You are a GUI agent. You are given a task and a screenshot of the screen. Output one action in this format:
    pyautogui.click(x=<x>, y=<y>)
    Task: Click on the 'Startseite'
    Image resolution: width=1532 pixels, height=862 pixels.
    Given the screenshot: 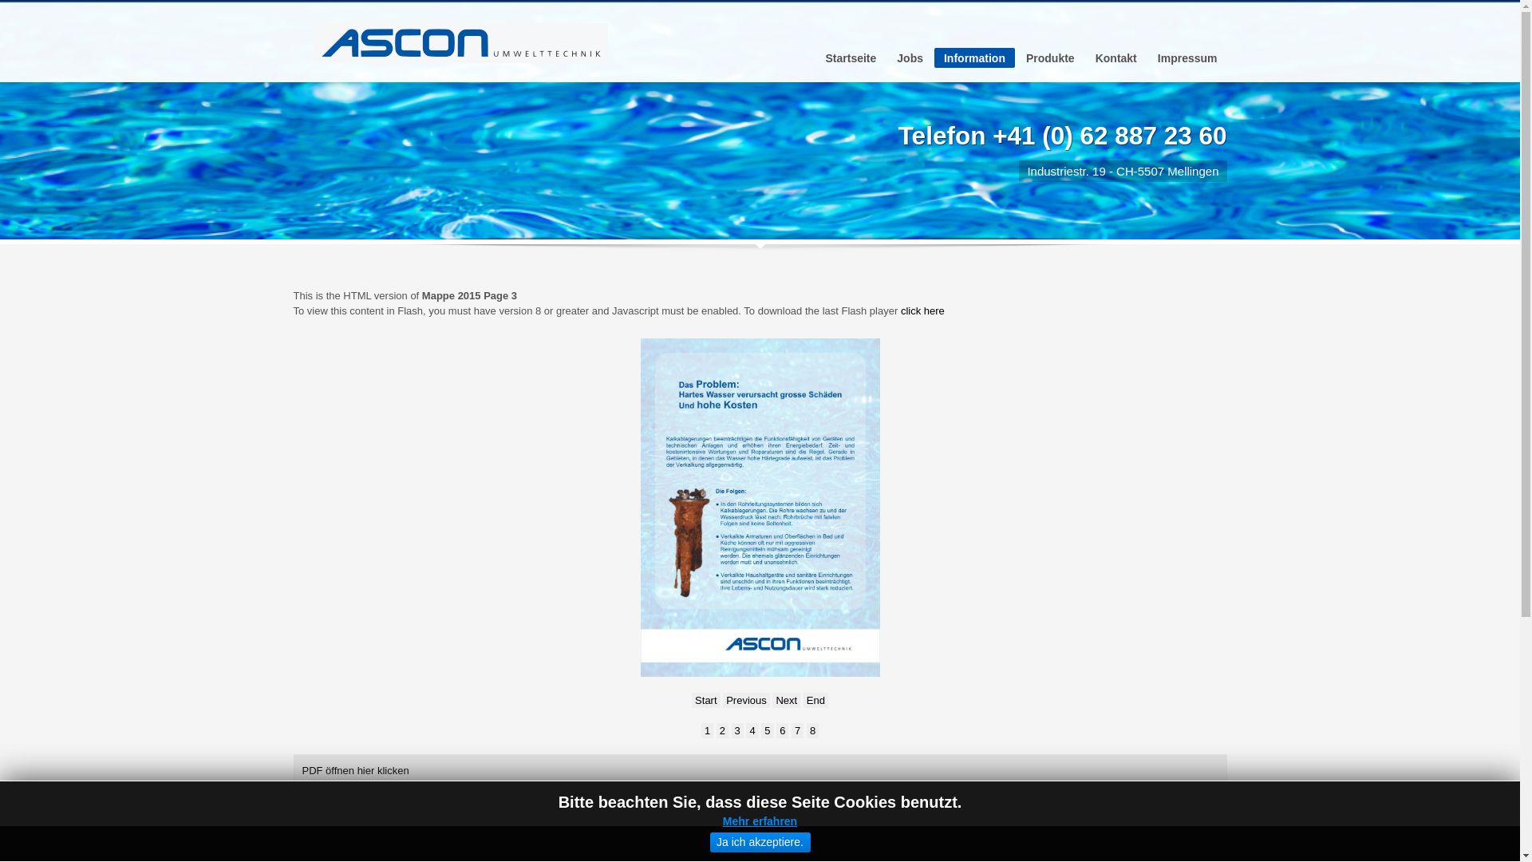 What is the action you would take?
    pyautogui.click(x=849, y=57)
    